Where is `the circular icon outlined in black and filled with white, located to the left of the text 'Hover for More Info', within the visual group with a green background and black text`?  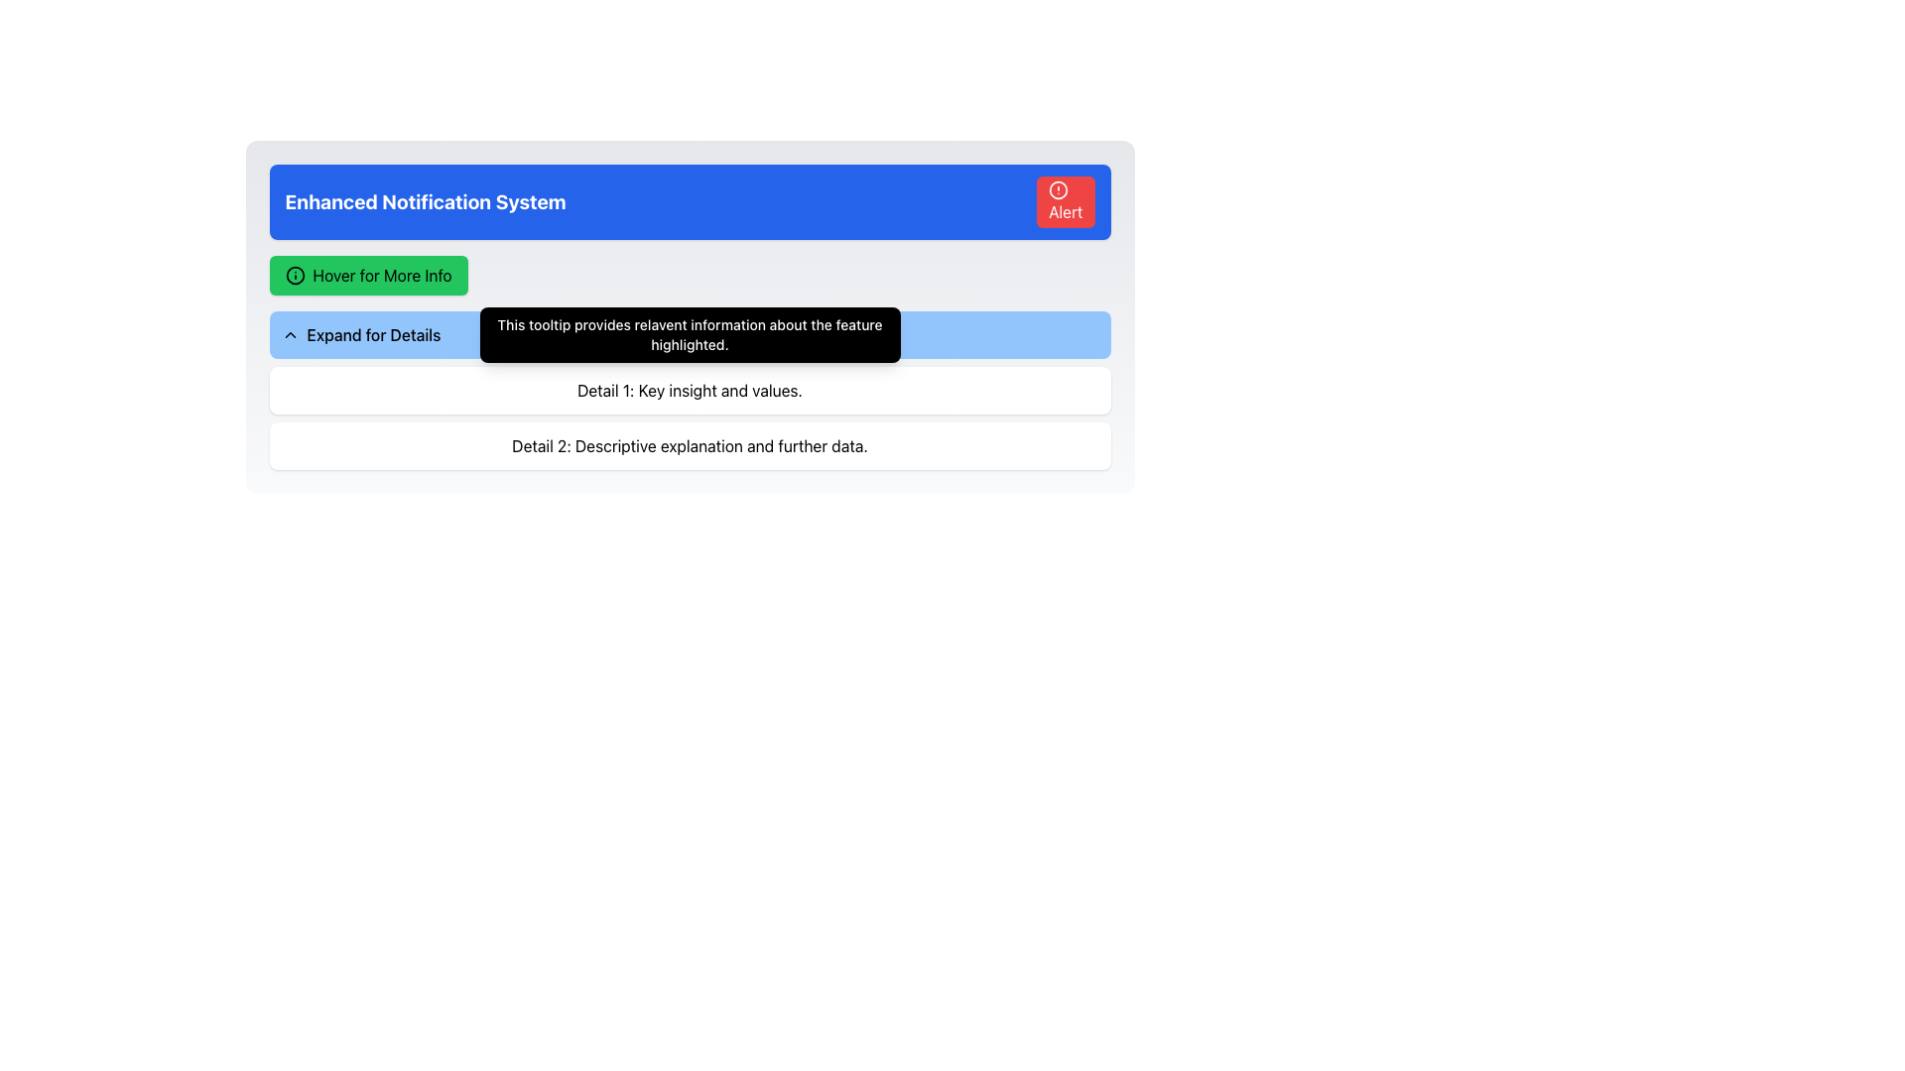
the circular icon outlined in black and filled with white, located to the left of the text 'Hover for More Info', within the visual group with a green background and black text is located at coordinates (294, 275).